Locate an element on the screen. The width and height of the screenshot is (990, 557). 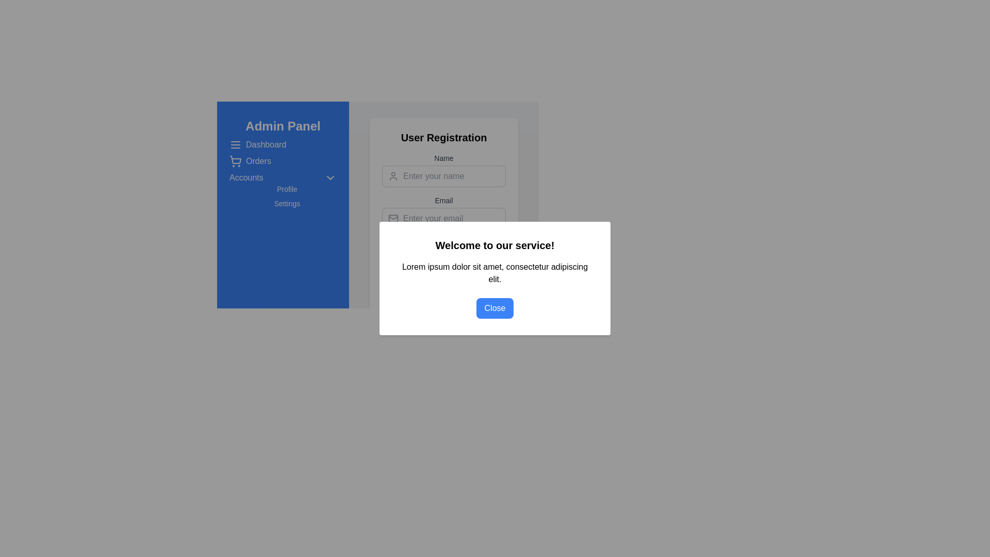
the text label that contains 'Lorem ipsum dolor sit amet, consectetur adipiscing elit.' which is center-aligned in the modal dialog box is located at coordinates (495, 272).